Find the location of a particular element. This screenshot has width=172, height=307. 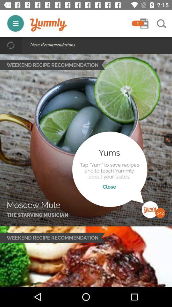

yummly recipes is located at coordinates (15, 23).